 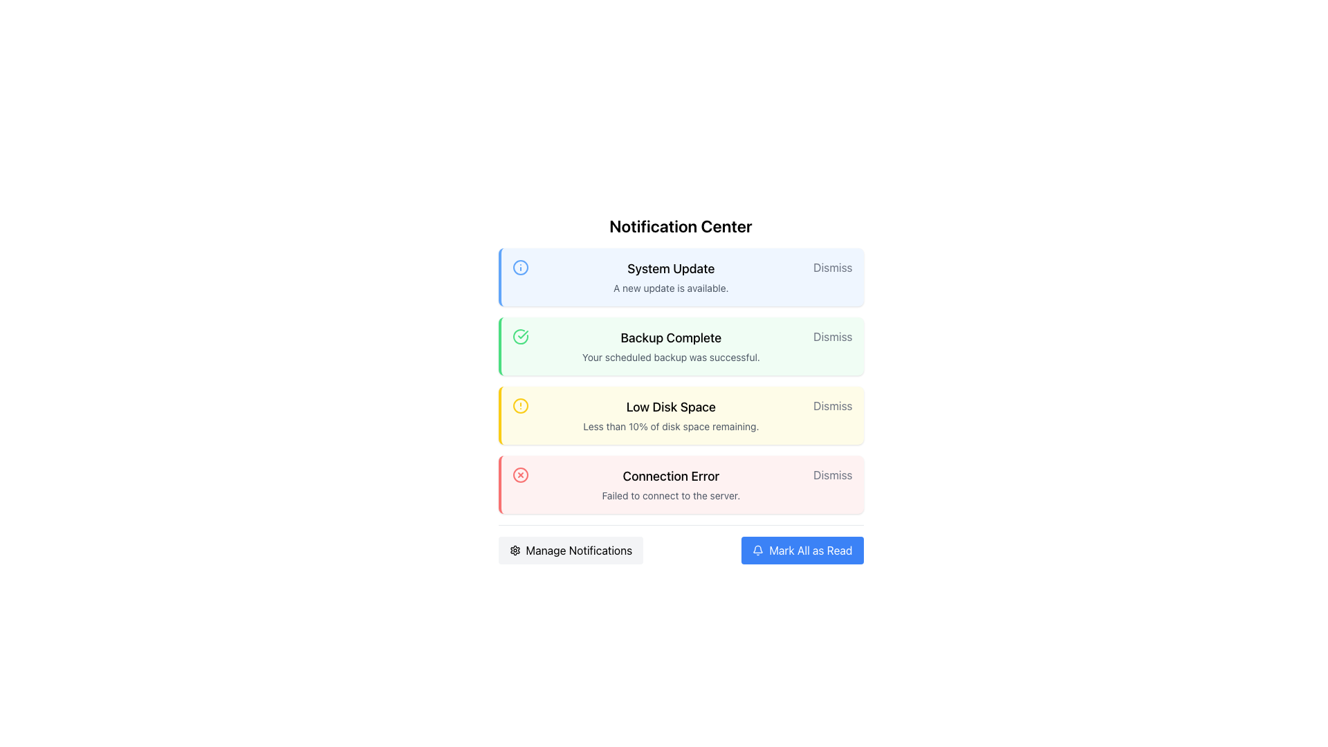 I want to click on the 'Dismiss' button in the upper right corner of the notification card labeled 'Backup Complete' to change its color, so click(x=832, y=336).